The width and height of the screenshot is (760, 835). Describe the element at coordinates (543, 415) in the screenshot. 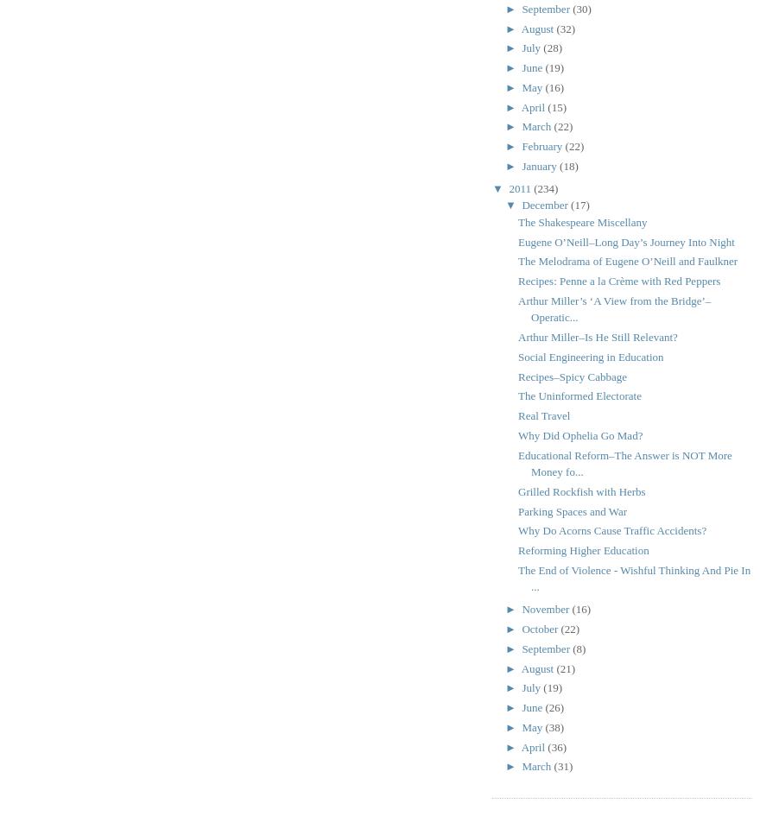

I see `'Real Travel'` at that location.